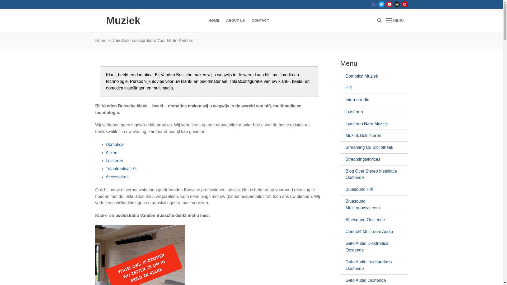 This screenshot has width=507, height=285. What do you see at coordinates (345, 112) in the screenshot?
I see `'Luisteren'` at bounding box center [345, 112].